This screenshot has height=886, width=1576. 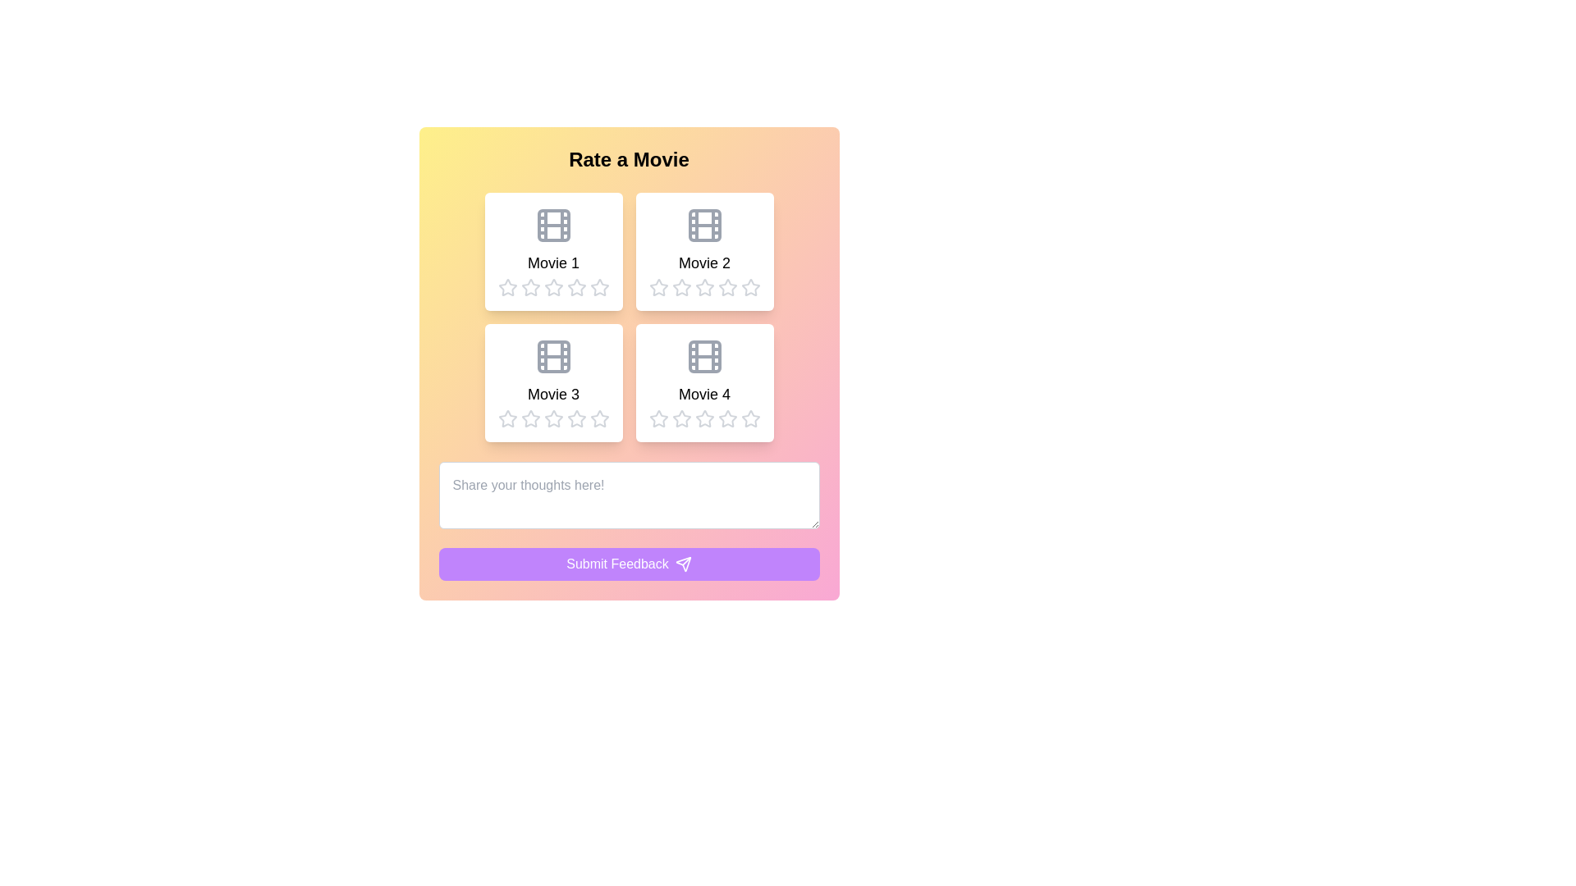 I want to click on the rectangular card labeled 'Movie 3' which contains a film icon and a row of five stars for rating, located in the bottom-left corner of the grid of movie cards, so click(x=553, y=382).